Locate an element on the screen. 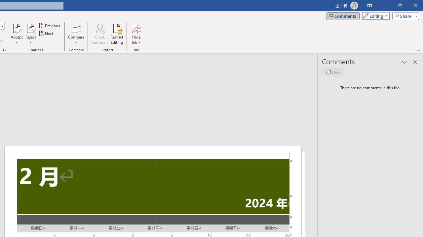 The image size is (423, 237). 'Compare' is located at coordinates (76, 34).